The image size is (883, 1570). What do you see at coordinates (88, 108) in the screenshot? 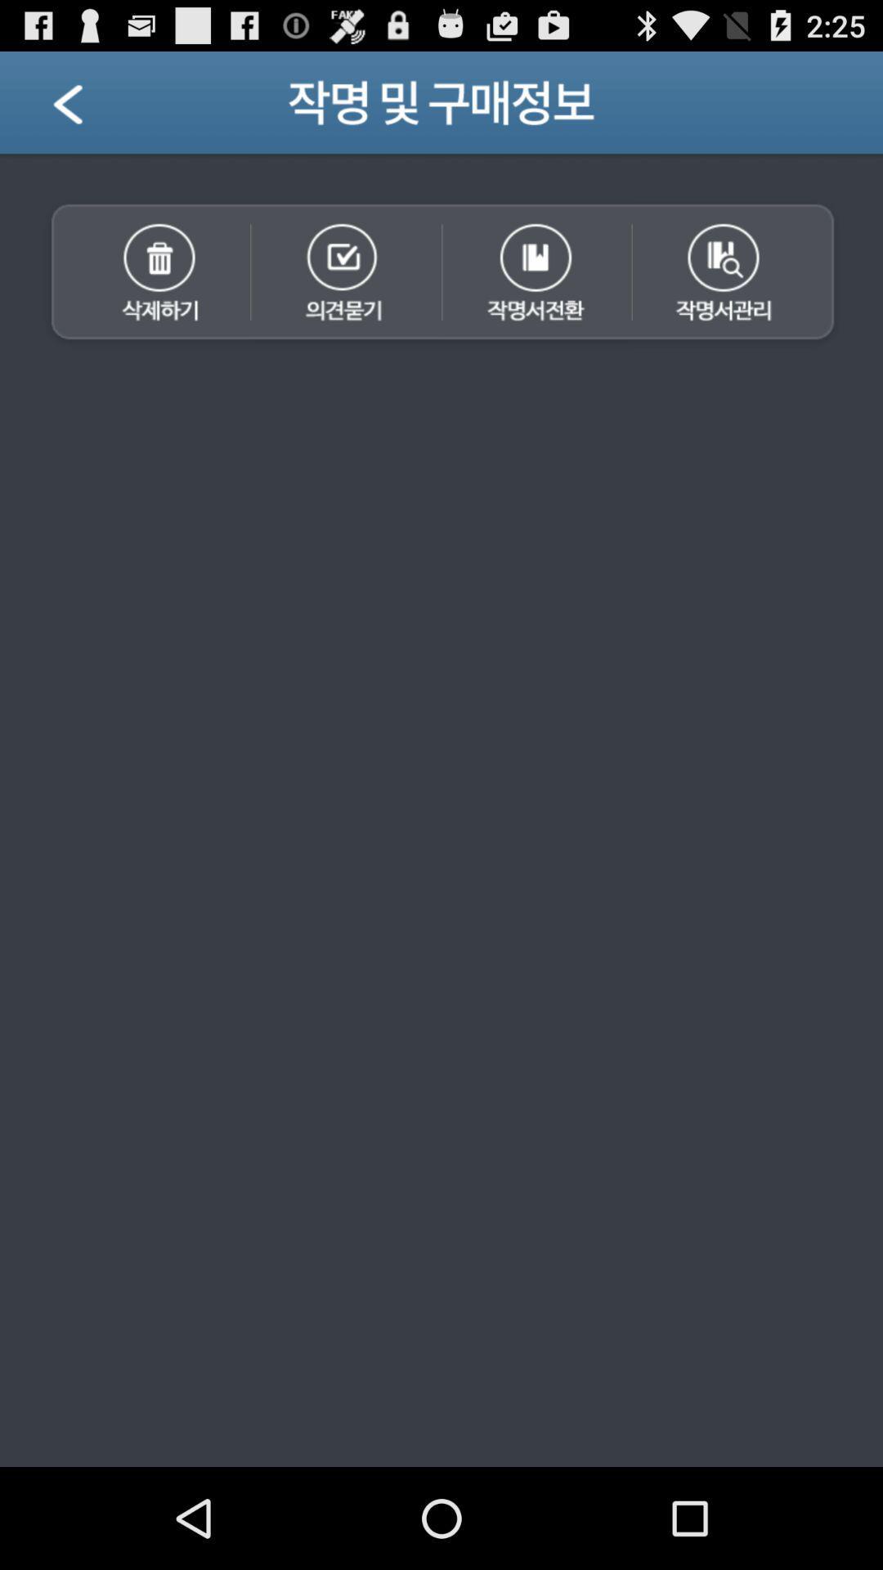
I see `go back` at bounding box center [88, 108].